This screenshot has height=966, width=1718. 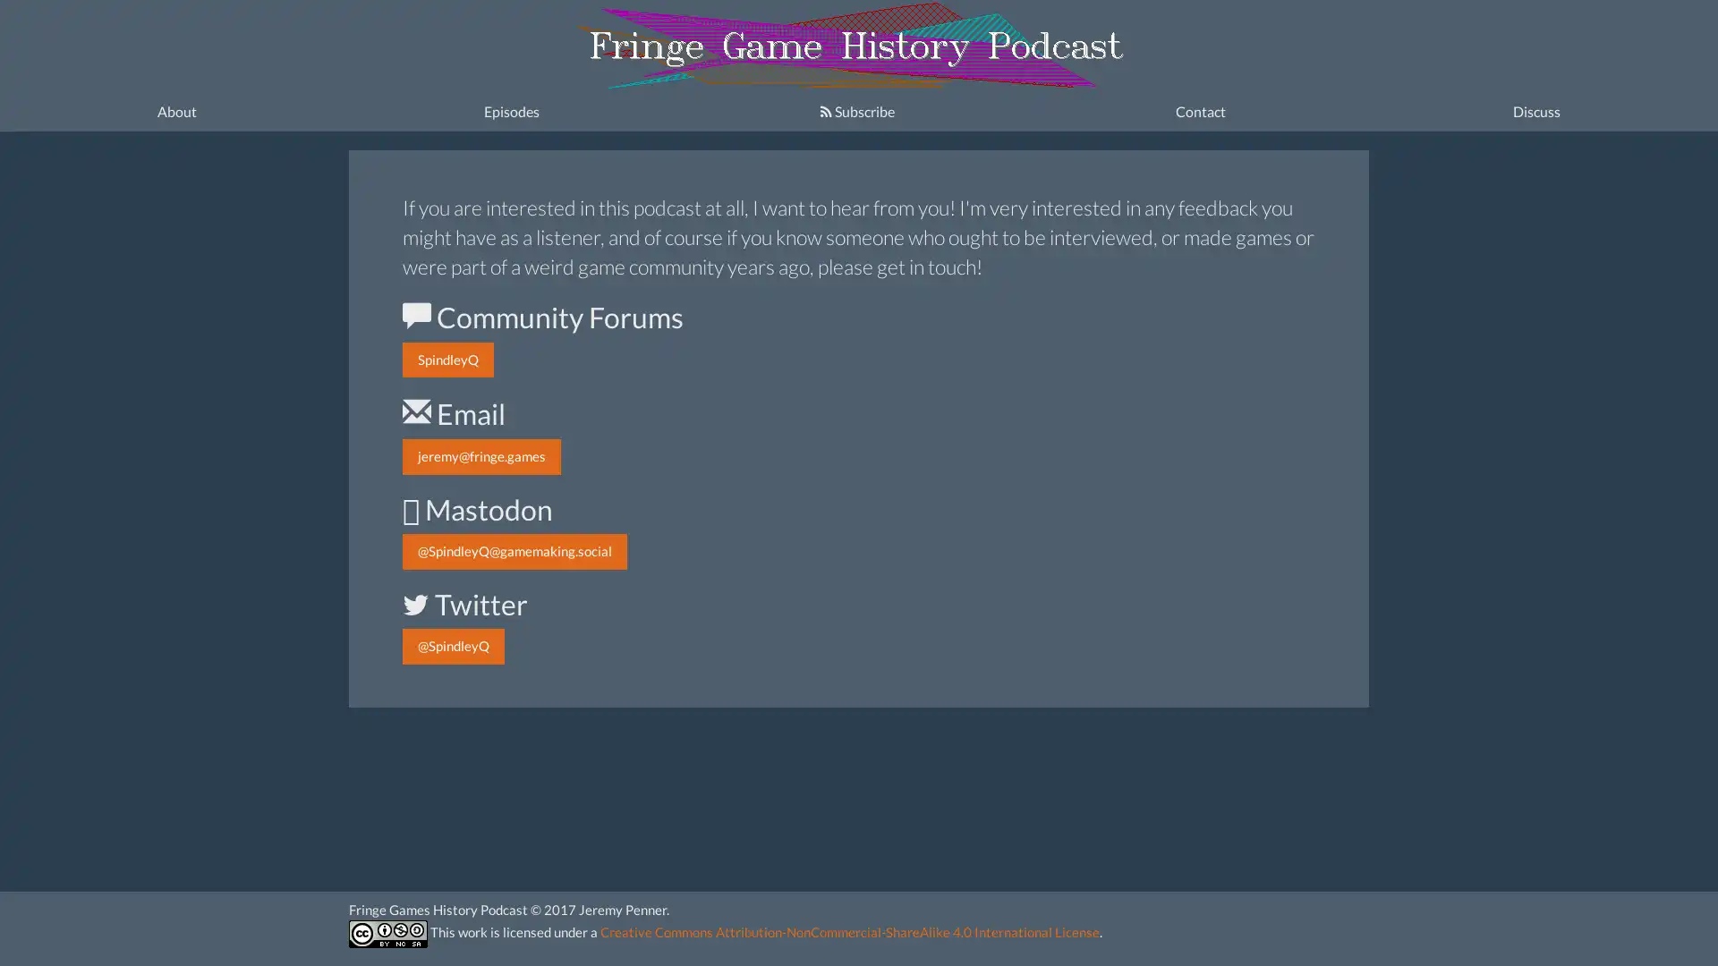 I want to click on SpindleyQ, so click(x=447, y=360).